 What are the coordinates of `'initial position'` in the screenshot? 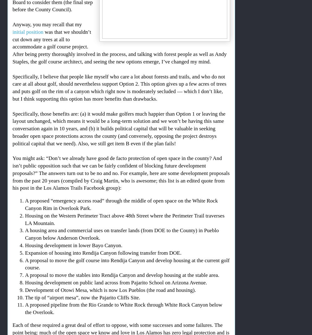 It's located at (28, 32).